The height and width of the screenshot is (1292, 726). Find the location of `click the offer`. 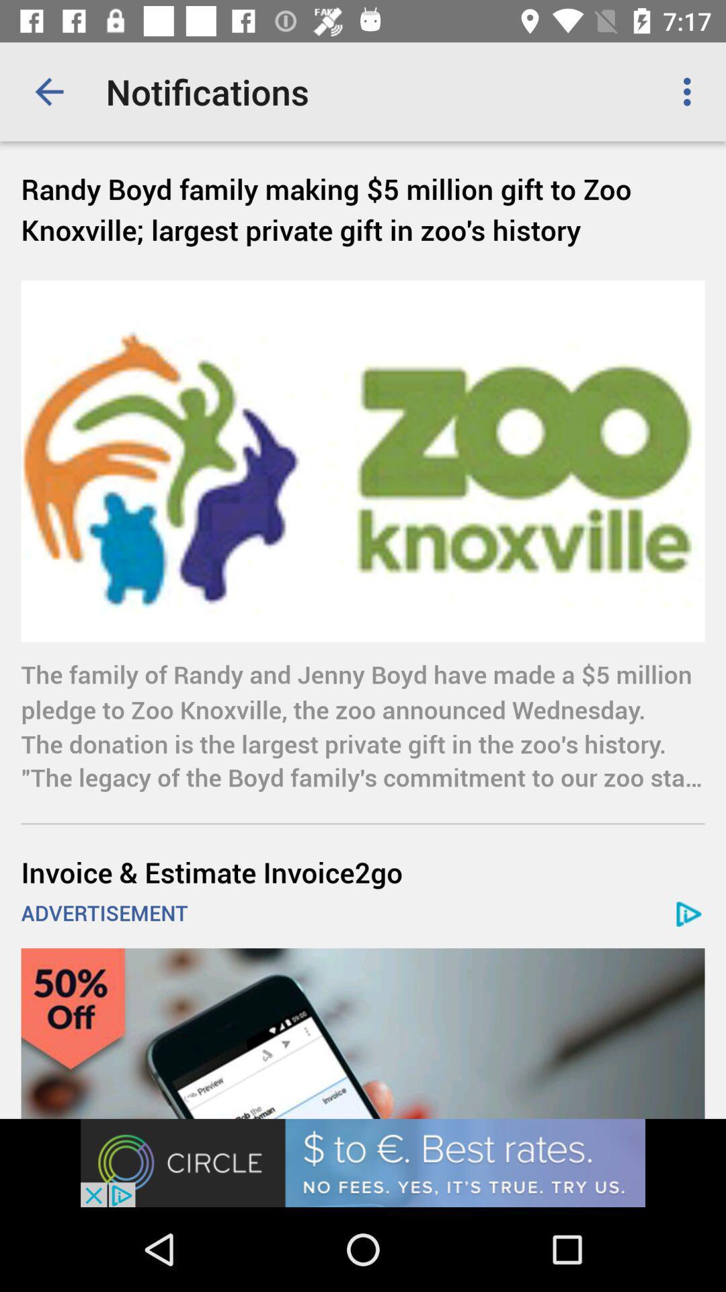

click the offer is located at coordinates (363, 1033).